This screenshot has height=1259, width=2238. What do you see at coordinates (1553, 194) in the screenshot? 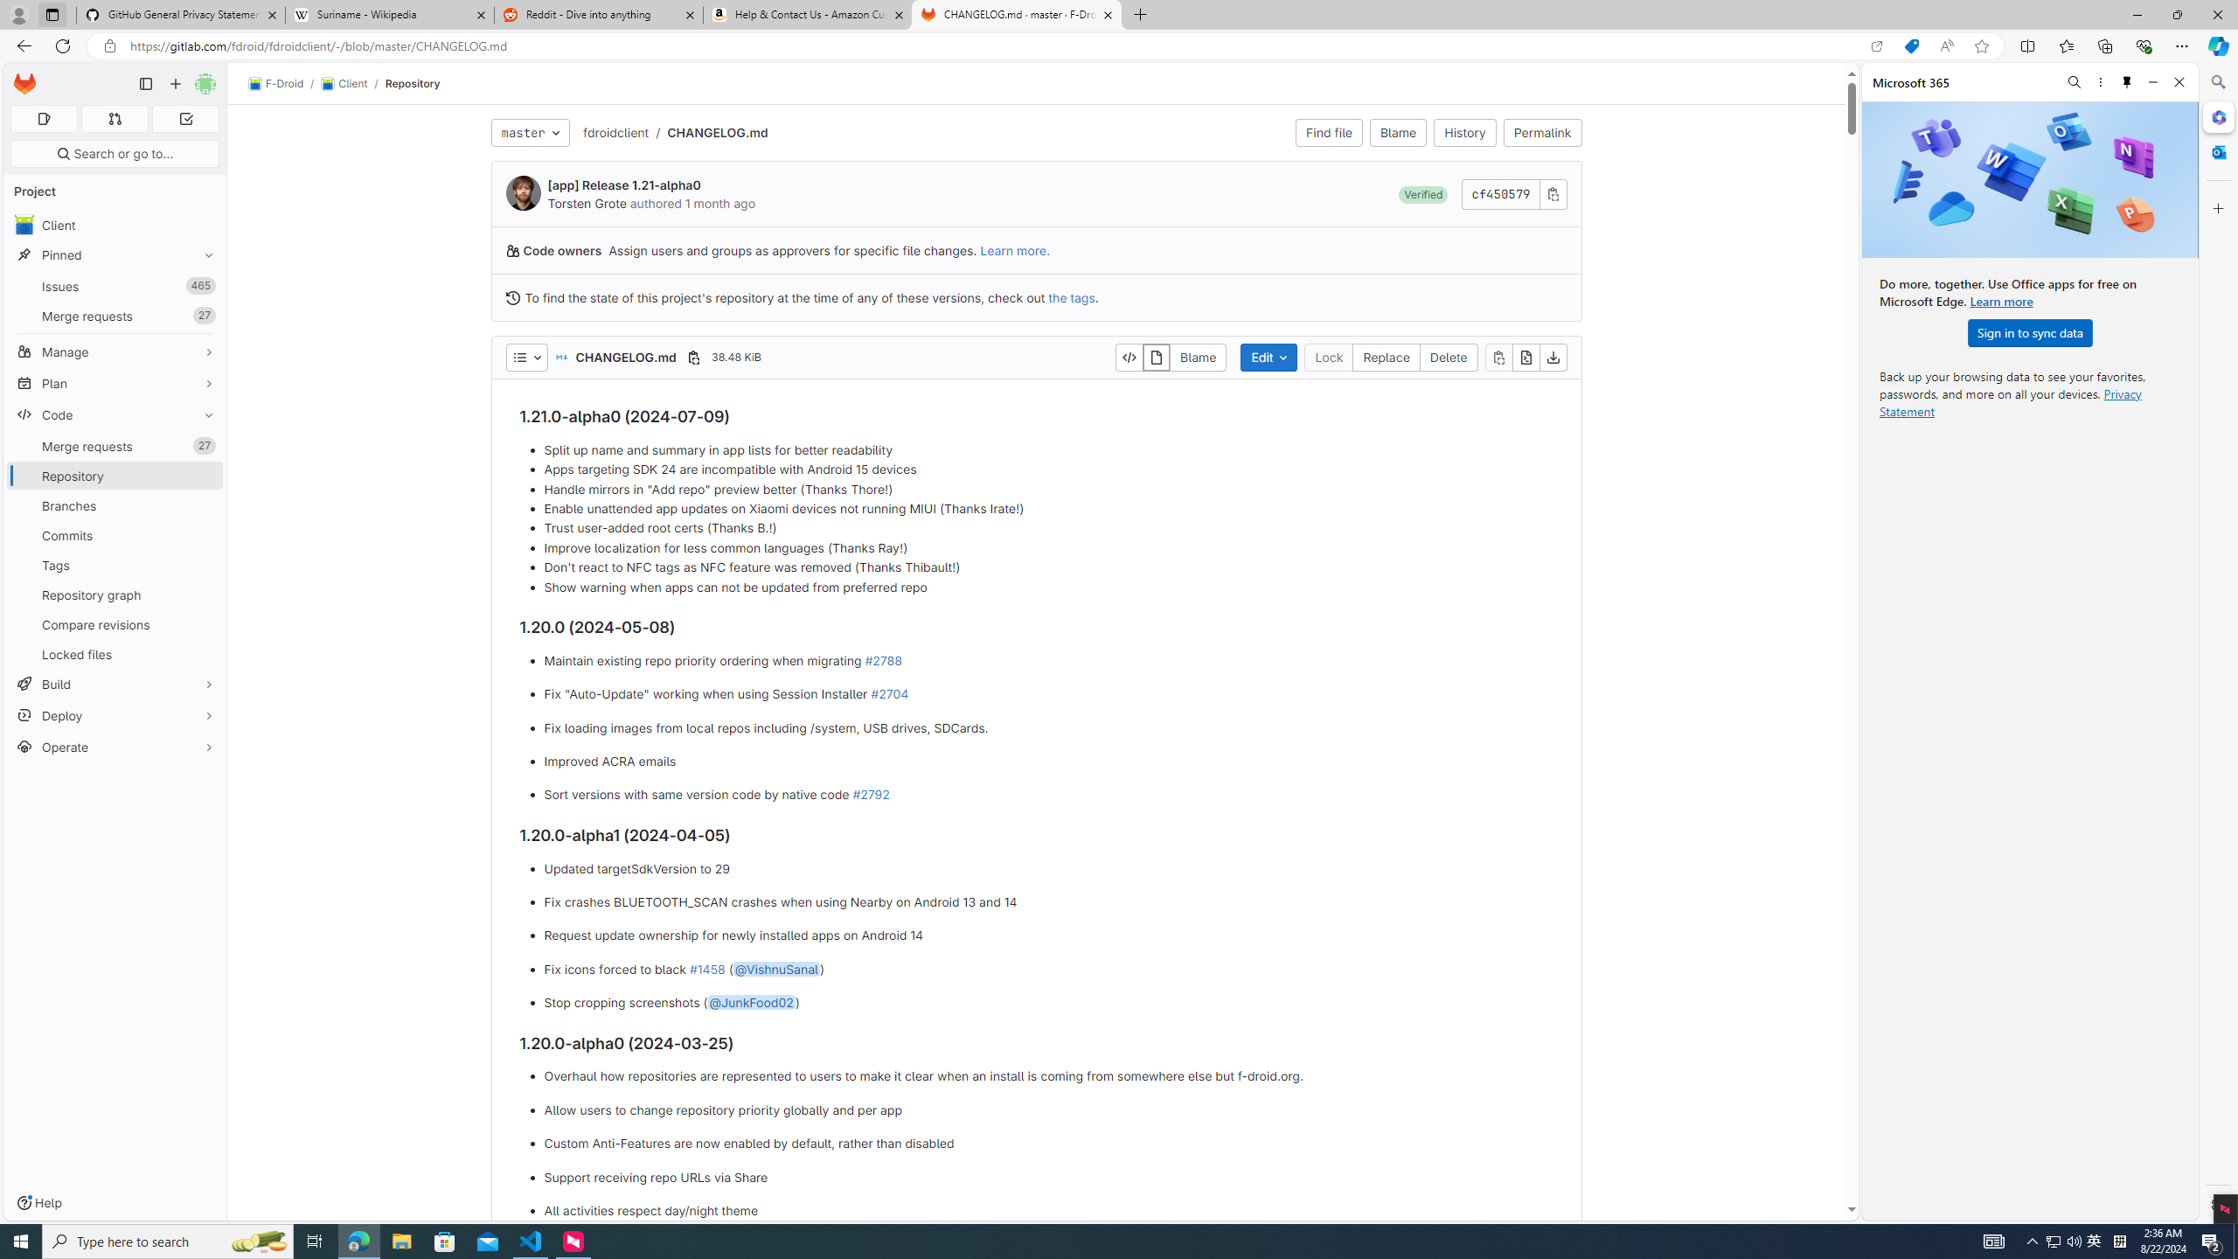
I see `'Copy commit SHA'` at bounding box center [1553, 194].